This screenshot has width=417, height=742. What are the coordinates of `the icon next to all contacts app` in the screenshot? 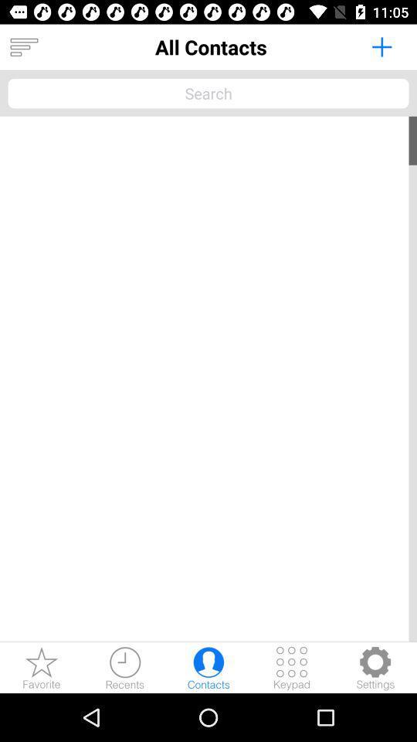 It's located at (23, 47).